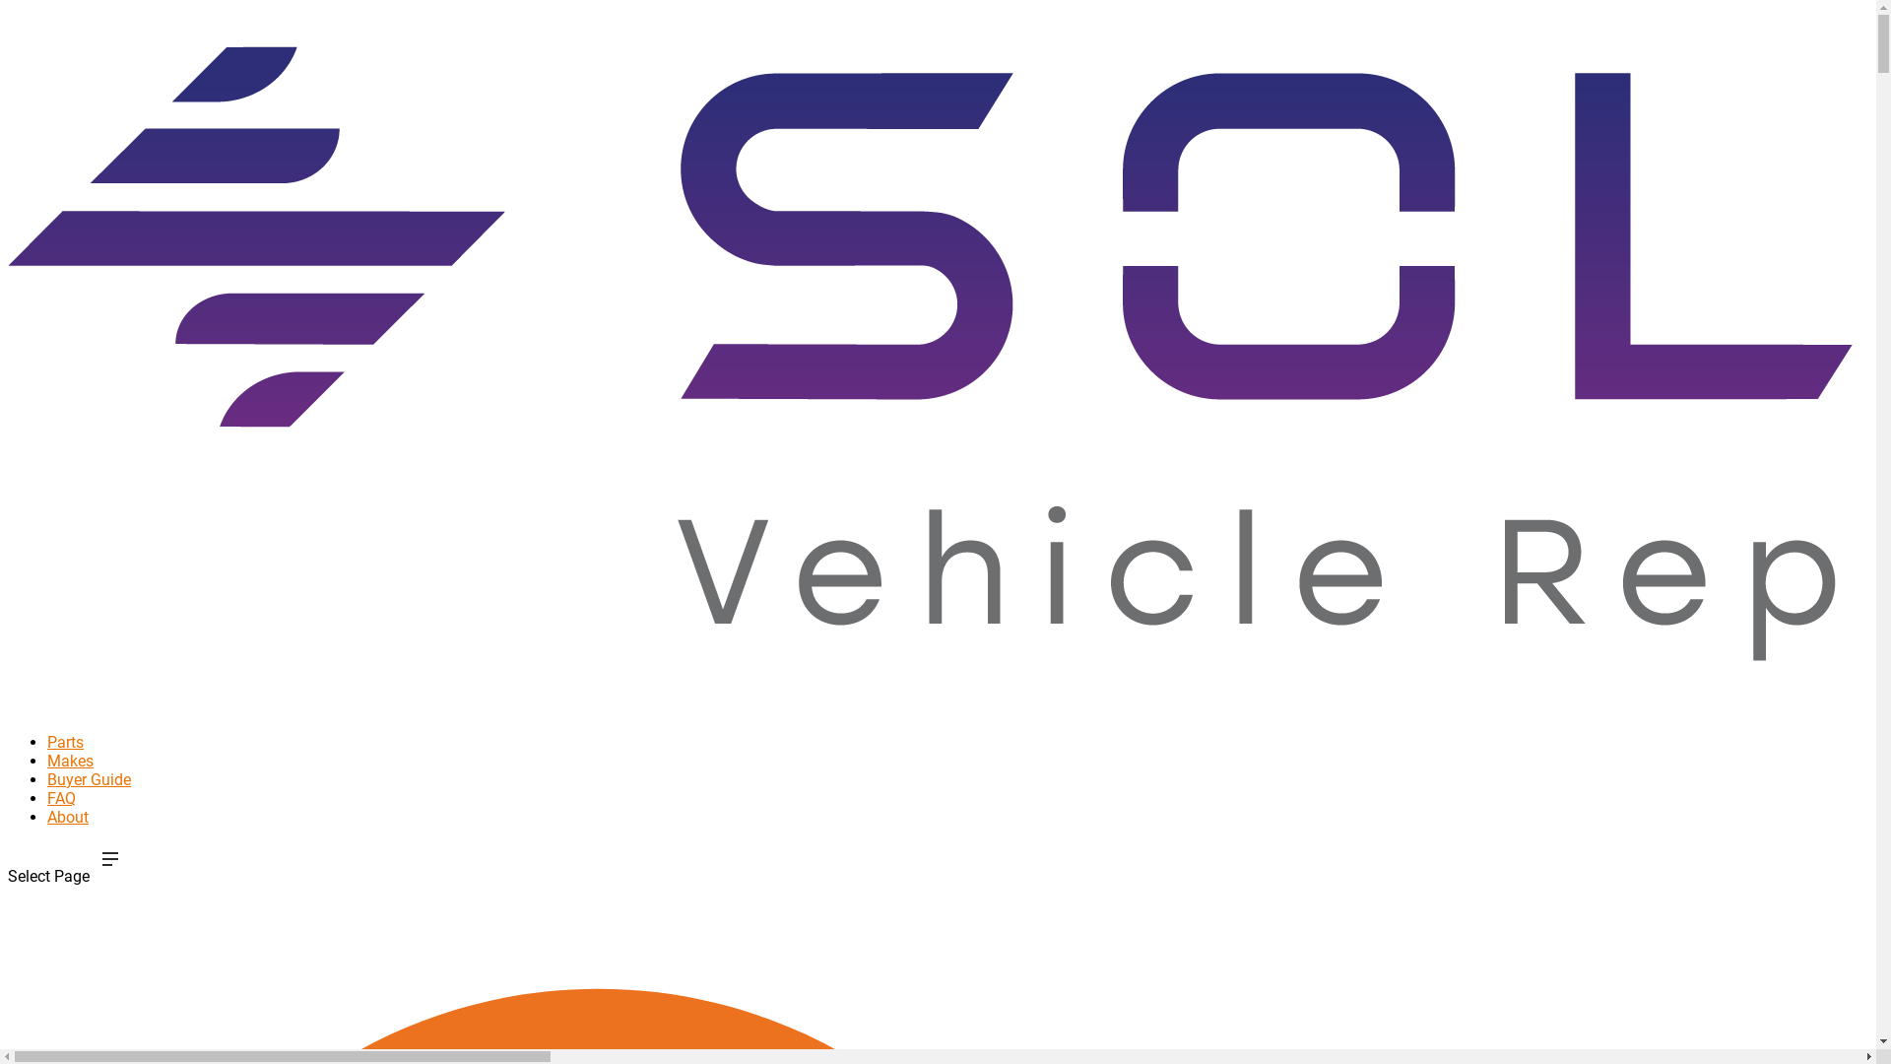 Image resolution: width=1891 pixels, height=1064 pixels. What do you see at coordinates (47, 766) in the screenshot?
I see `'Parts'` at bounding box center [47, 766].